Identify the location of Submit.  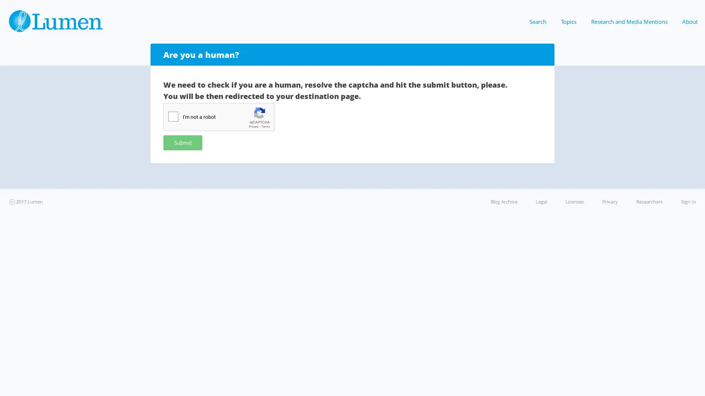
(183, 142).